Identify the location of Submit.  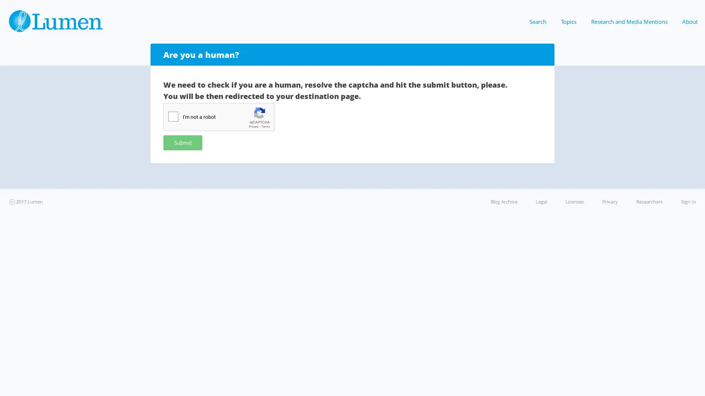
(183, 142).